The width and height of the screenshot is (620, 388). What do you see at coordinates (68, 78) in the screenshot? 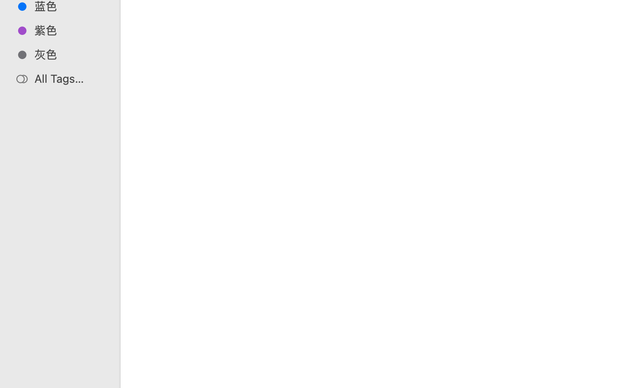
I see `'All Tags…'` at bounding box center [68, 78].